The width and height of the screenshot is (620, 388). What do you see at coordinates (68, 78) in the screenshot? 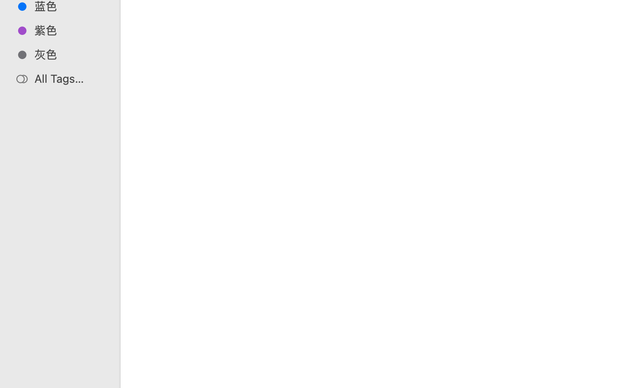
I see `'All Tags…'` at bounding box center [68, 78].